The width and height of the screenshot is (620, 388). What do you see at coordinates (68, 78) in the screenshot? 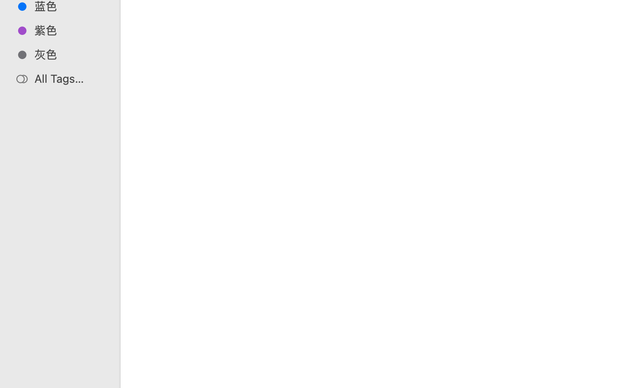
I see `'All Tags…'` at bounding box center [68, 78].